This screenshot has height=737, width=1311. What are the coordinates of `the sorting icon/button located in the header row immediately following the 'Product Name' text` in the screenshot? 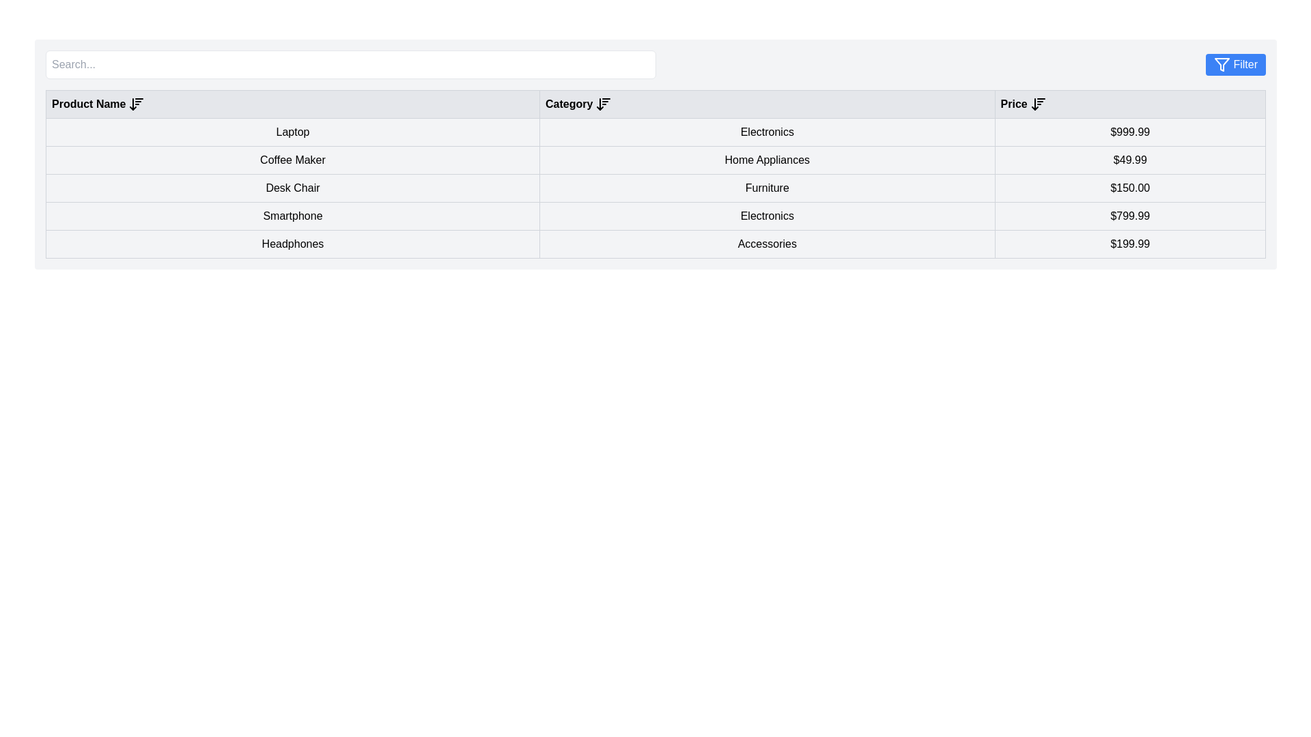 It's located at (137, 104).